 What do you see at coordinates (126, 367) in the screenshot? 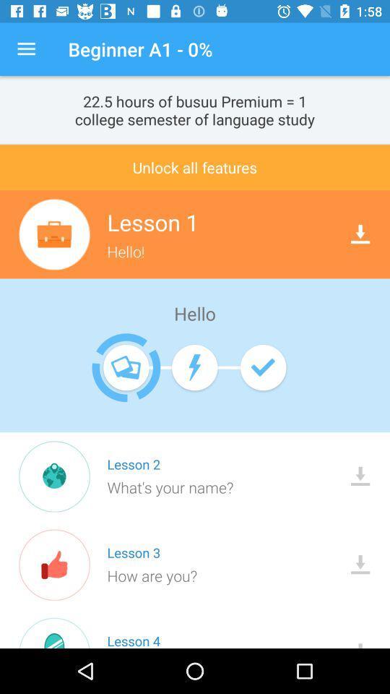
I see `the icon which is to the left side of battery indicator icon` at bounding box center [126, 367].